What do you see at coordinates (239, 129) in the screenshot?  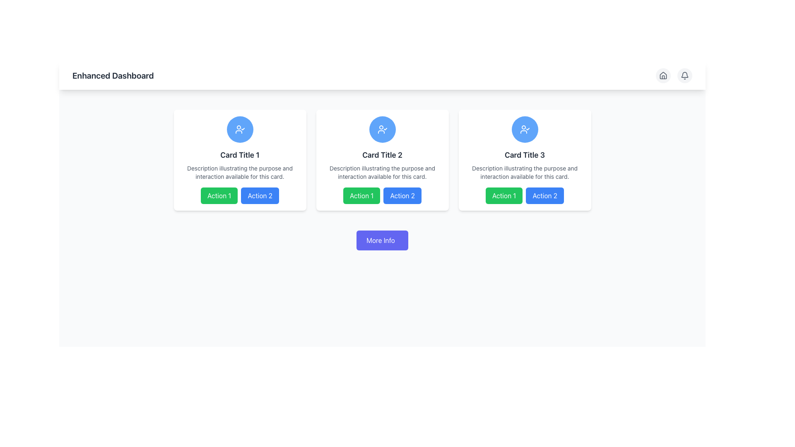 I see `the icon representing 'Card Title 1', which is located at the top center of the card above the title and description` at bounding box center [239, 129].